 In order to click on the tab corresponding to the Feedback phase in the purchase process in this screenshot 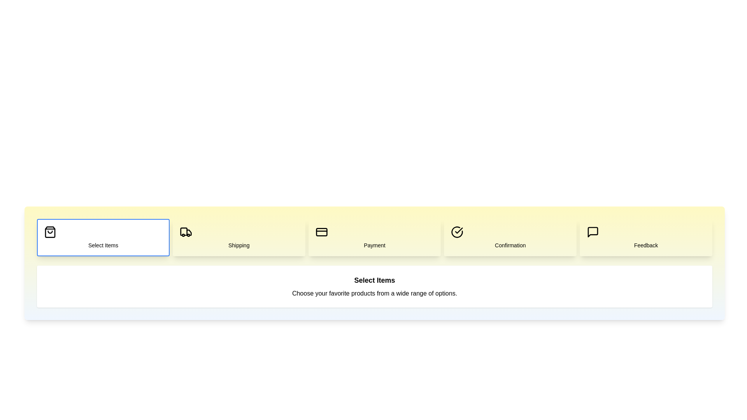, I will do `click(646, 237)`.